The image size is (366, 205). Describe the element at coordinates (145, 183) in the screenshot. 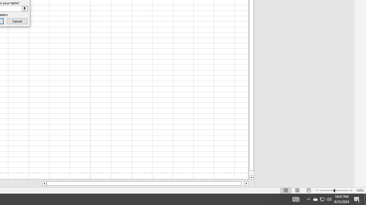

I see `'Class: NetUIScrollBar'` at that location.